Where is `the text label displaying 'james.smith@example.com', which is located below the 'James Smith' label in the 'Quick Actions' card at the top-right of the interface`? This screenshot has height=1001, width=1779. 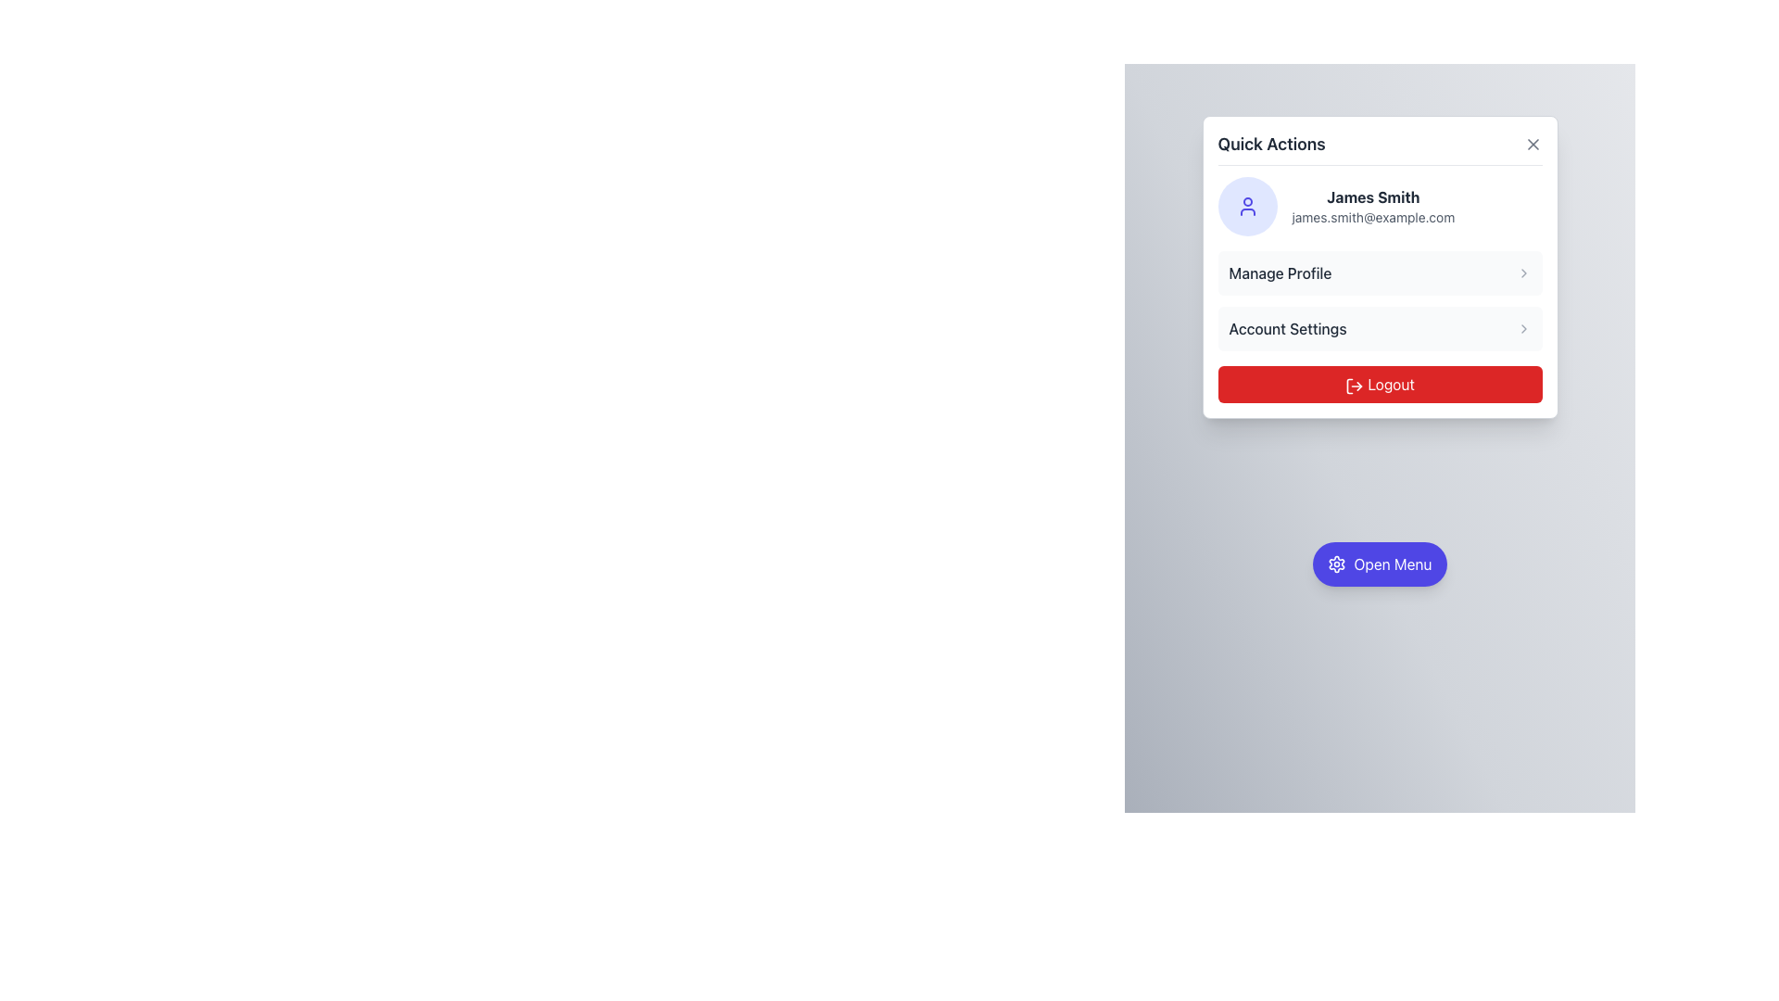
the text label displaying 'james.smith@example.com', which is located below the 'James Smith' label in the 'Quick Actions' card at the top-right of the interface is located at coordinates (1373, 217).